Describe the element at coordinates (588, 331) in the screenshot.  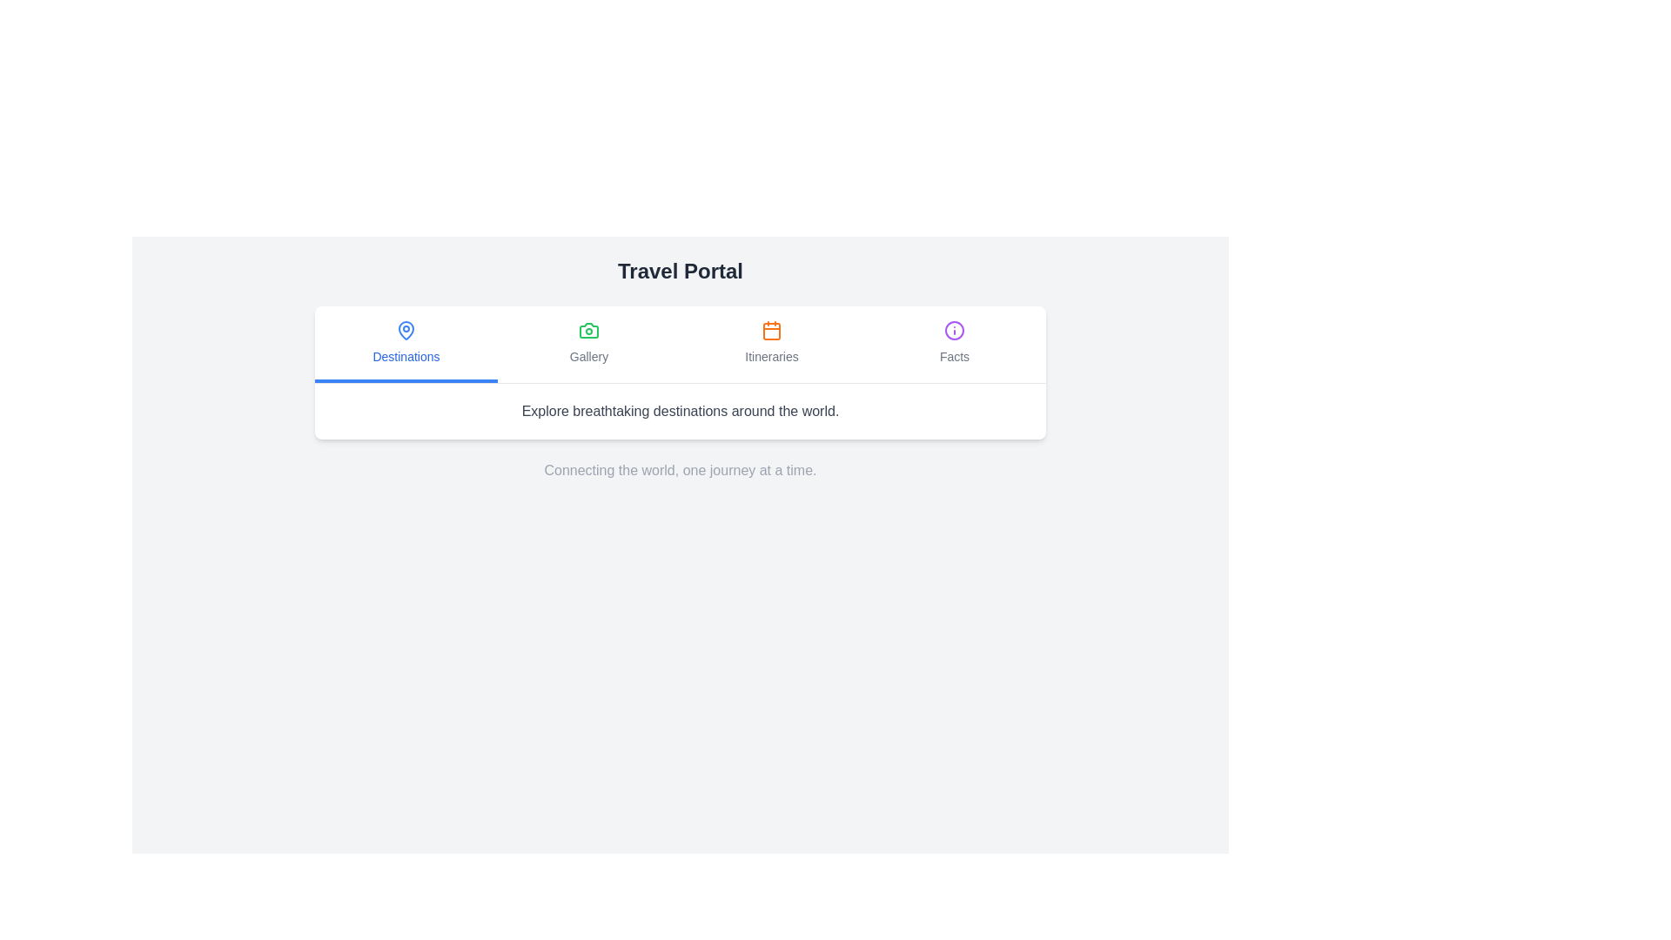
I see `the gallery navigation icon located above the 'Gallery' label in the panel, which is the second item from the left between 'Destinations' and 'Itineraries'` at that location.